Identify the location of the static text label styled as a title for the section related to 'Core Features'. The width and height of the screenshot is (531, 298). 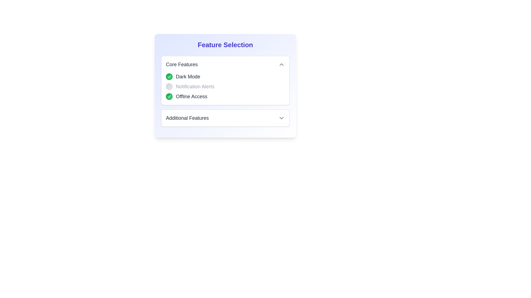
(182, 64).